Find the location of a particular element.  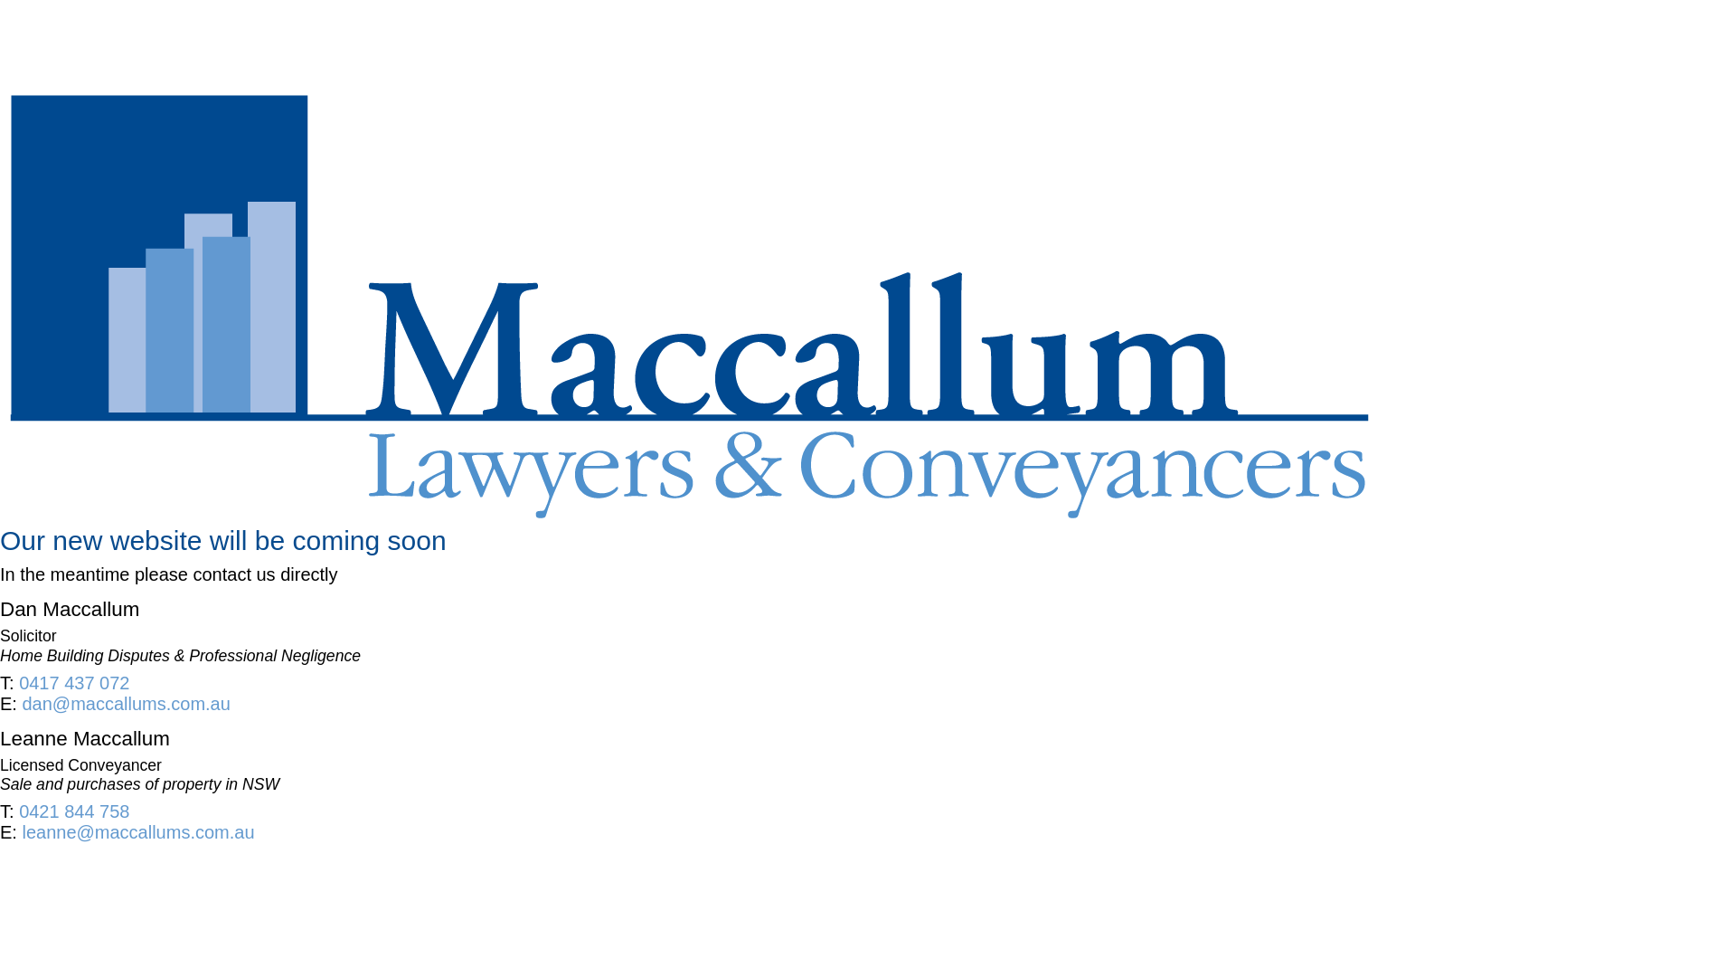

'dan@maccallums.com.au' is located at coordinates (125, 703).